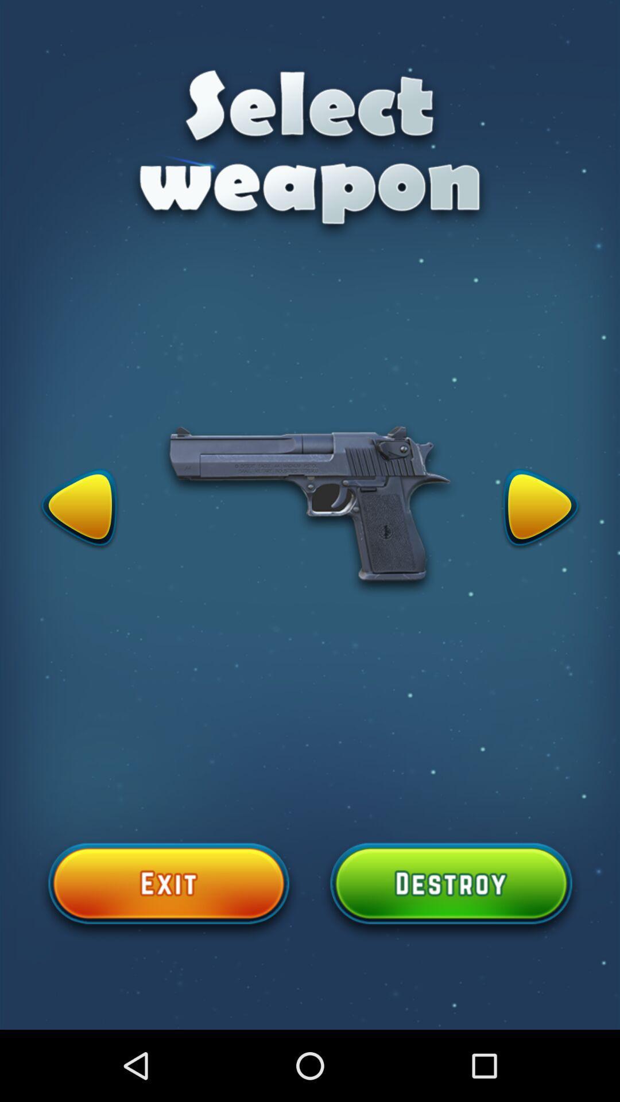 The width and height of the screenshot is (620, 1102). Describe the element at coordinates (79, 509) in the screenshot. I see `icon on the left` at that location.